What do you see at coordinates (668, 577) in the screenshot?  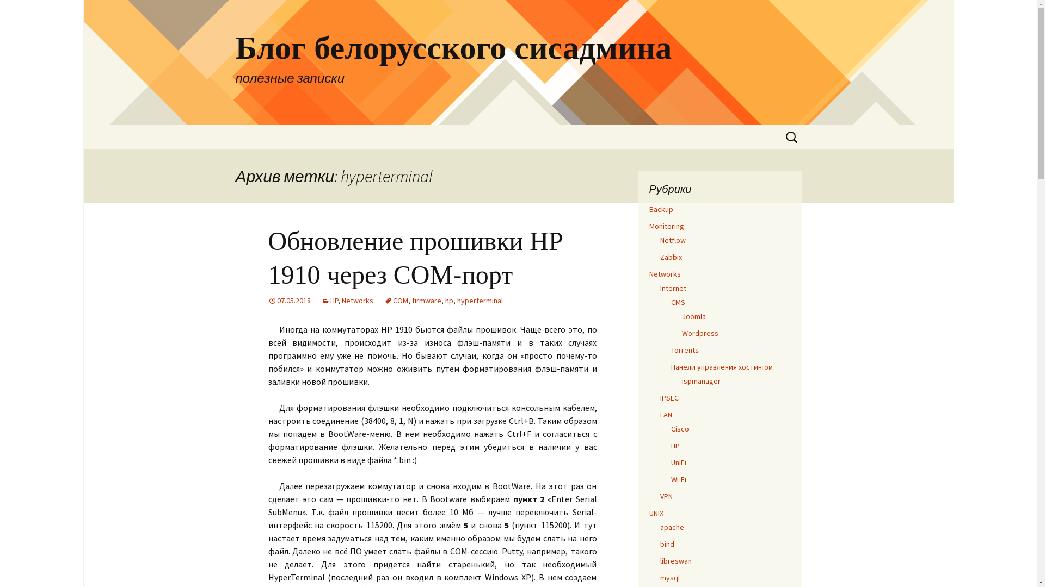 I see `'mysql'` at bounding box center [668, 577].